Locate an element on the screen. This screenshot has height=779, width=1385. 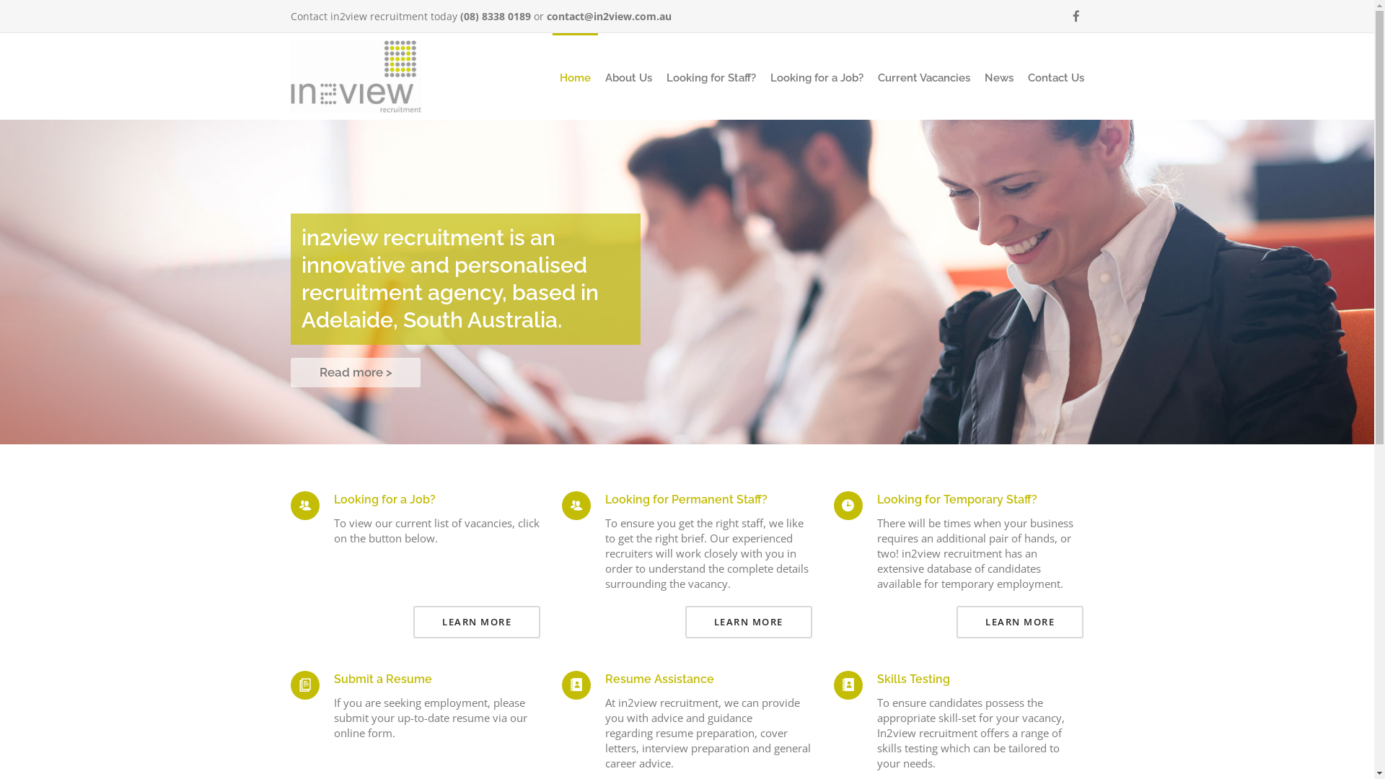
'LEARN MORE' is located at coordinates (1019, 621).